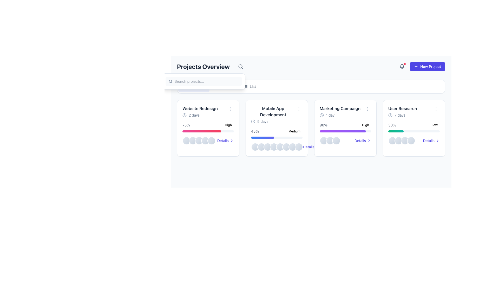 This screenshot has width=499, height=281. What do you see at coordinates (249, 86) in the screenshot?
I see `the 'List' button in the top-right horizontal menu bar` at bounding box center [249, 86].